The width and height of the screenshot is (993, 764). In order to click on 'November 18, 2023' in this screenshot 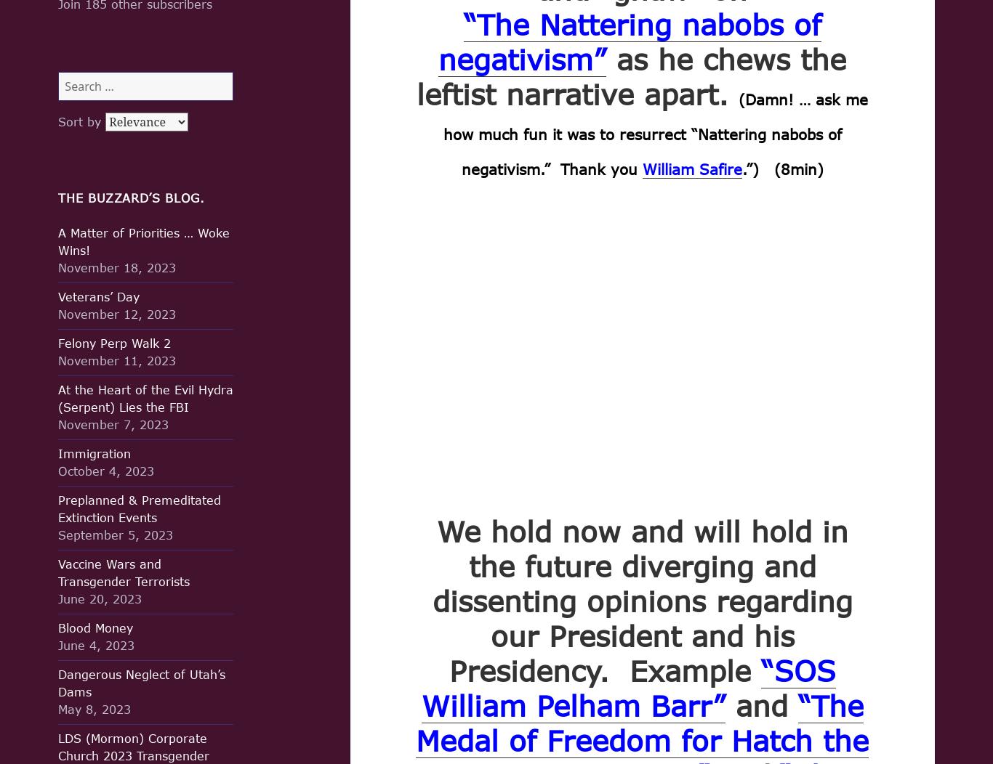, I will do `click(116, 267)`.